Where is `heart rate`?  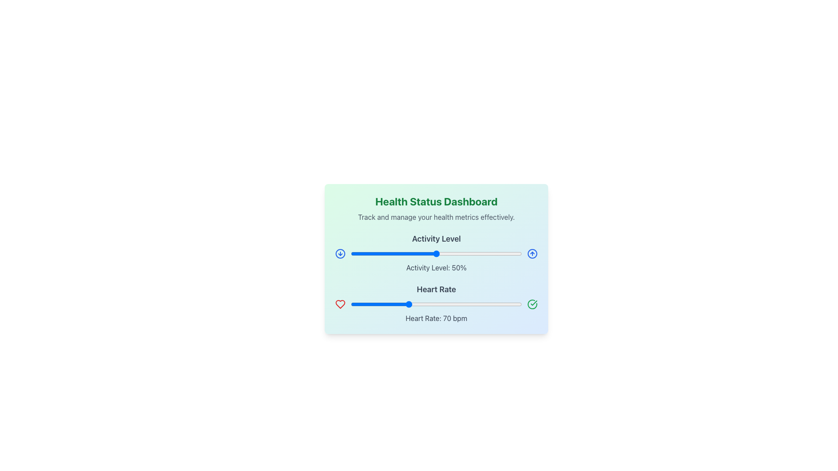 heart rate is located at coordinates (416, 304).